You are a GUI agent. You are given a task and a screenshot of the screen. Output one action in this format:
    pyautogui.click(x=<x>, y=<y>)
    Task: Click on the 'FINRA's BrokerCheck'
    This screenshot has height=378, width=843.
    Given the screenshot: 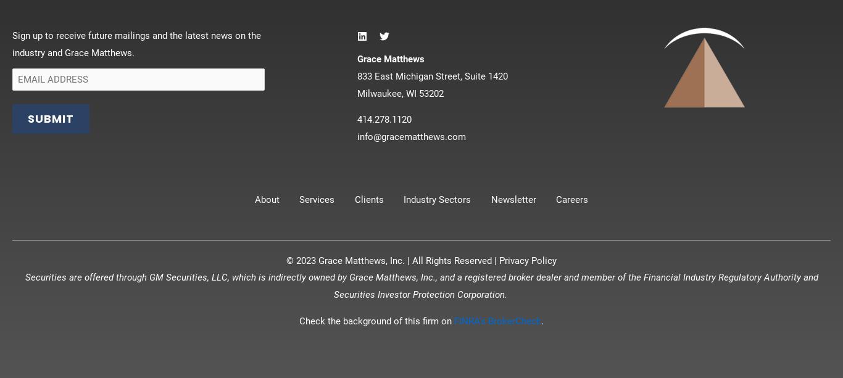 What is the action you would take?
    pyautogui.click(x=497, y=320)
    